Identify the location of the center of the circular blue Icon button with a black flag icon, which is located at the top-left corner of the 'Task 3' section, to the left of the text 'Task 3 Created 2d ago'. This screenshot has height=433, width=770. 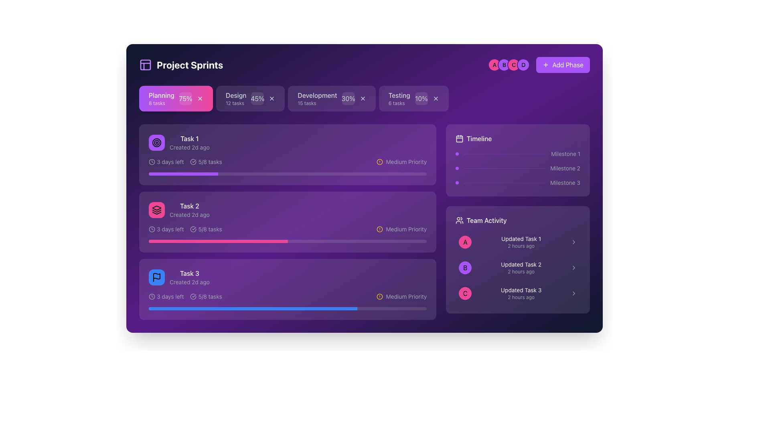
(156, 277).